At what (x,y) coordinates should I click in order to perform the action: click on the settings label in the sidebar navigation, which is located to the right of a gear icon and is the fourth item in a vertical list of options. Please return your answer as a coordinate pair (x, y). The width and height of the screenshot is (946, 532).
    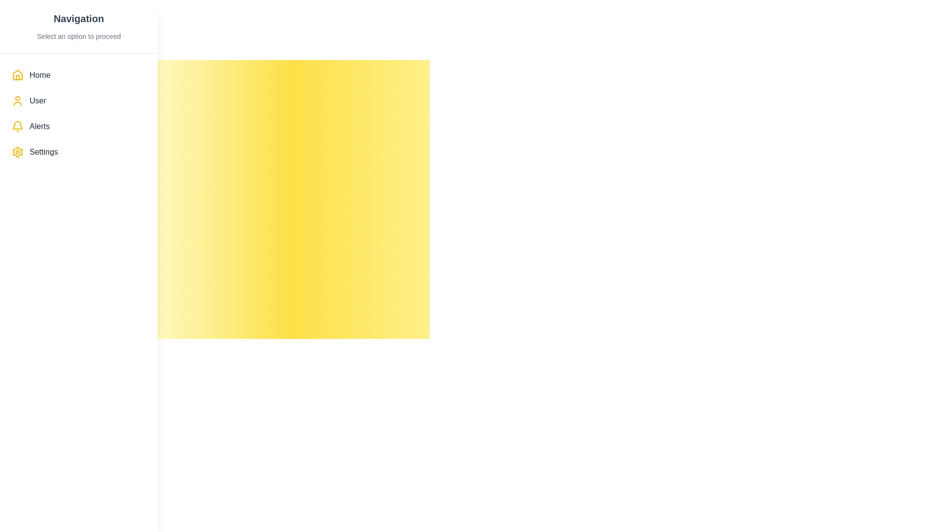
    Looking at the image, I should click on (43, 152).